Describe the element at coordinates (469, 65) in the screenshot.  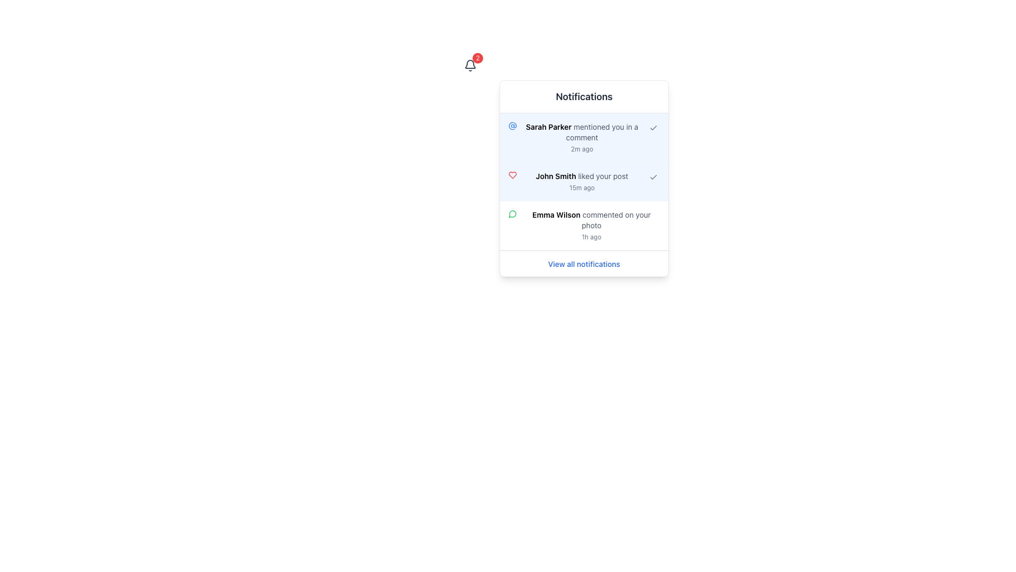
I see `the bell icon representing the notifications, which has a red badge with the number 2` at that location.